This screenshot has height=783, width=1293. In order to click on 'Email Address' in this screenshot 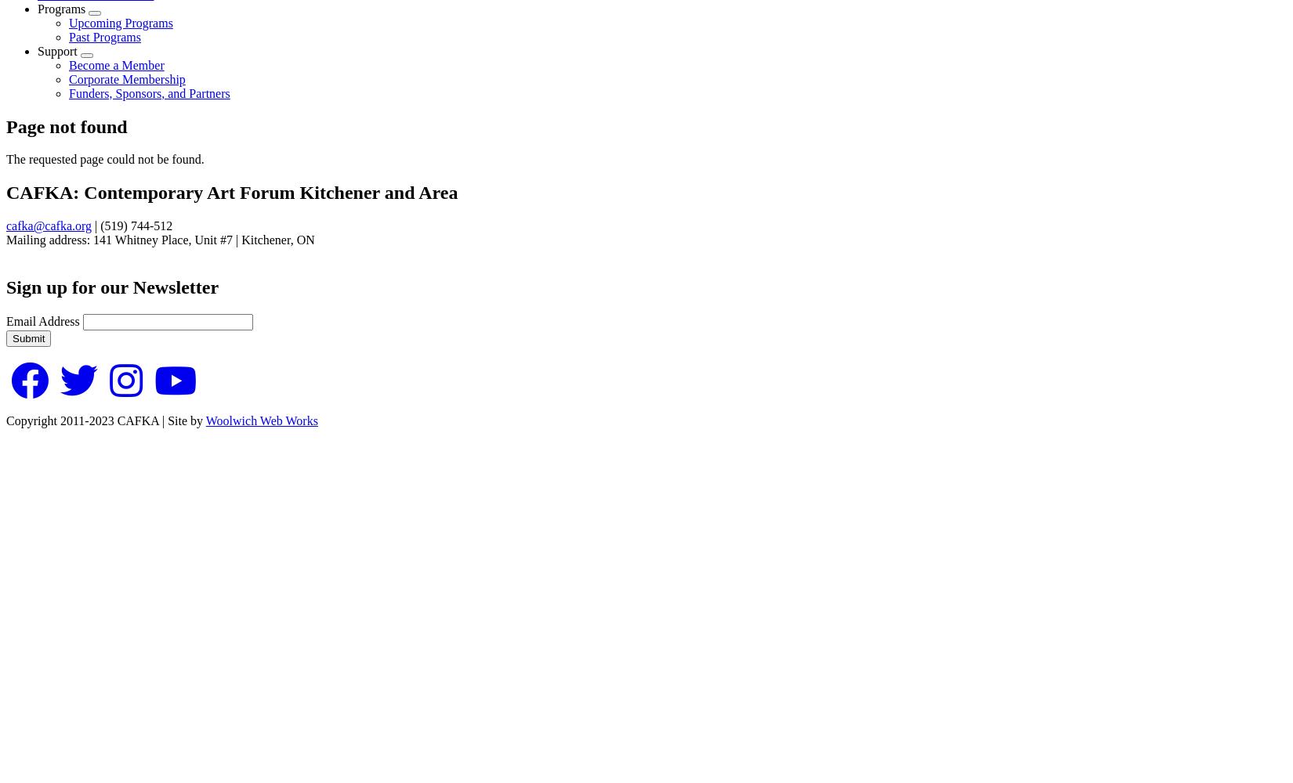, I will do `click(42, 321)`.